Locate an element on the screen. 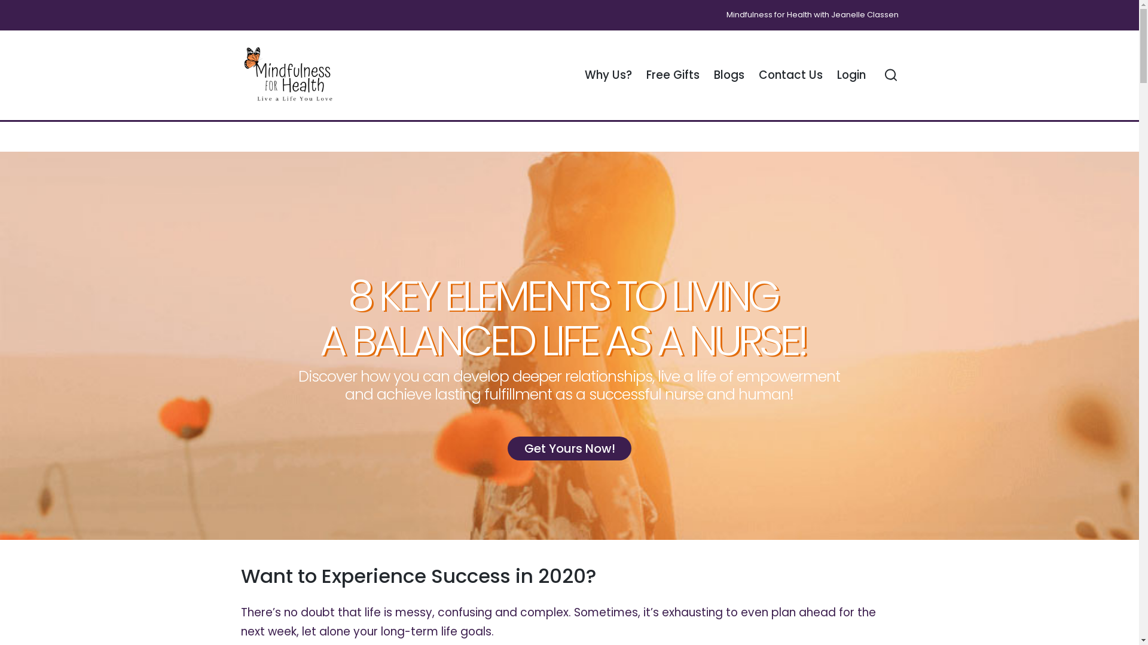 Image resolution: width=1148 pixels, height=645 pixels. 'Why Us?' is located at coordinates (608, 75).